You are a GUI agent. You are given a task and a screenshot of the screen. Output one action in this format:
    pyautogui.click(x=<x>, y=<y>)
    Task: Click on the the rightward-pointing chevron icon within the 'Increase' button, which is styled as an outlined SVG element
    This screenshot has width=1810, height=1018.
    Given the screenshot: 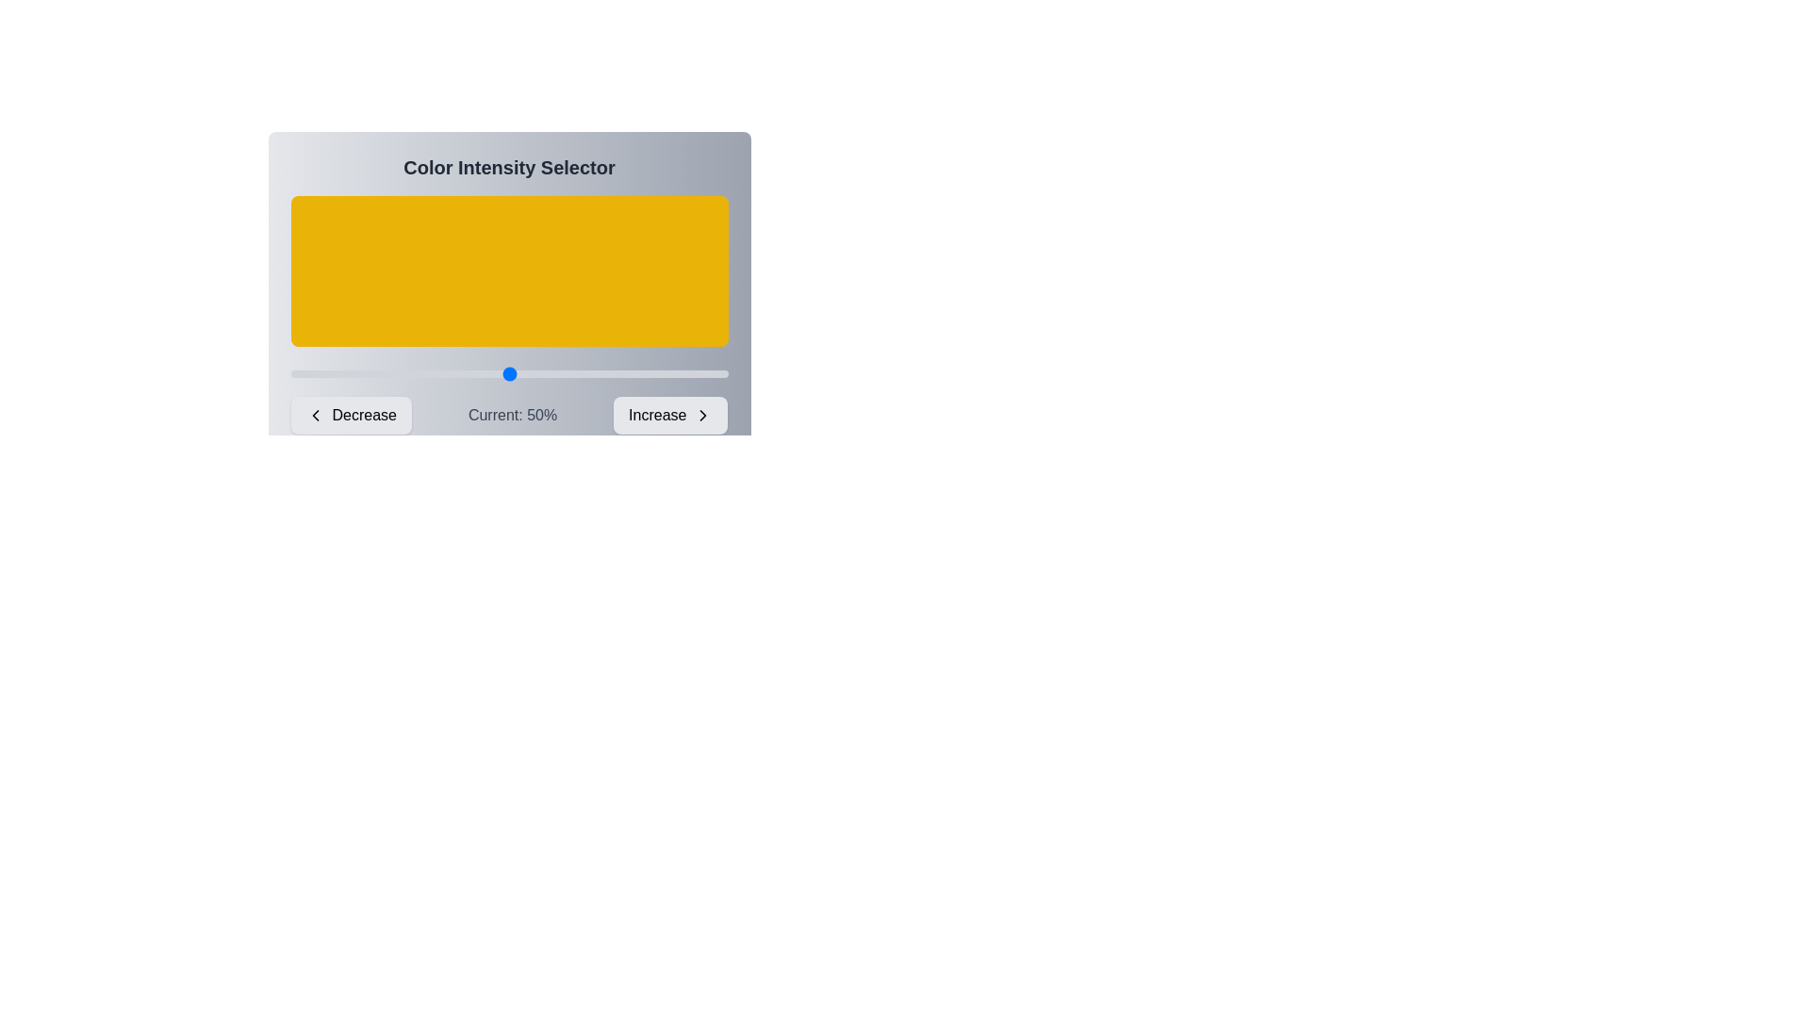 What is the action you would take?
    pyautogui.click(x=702, y=414)
    